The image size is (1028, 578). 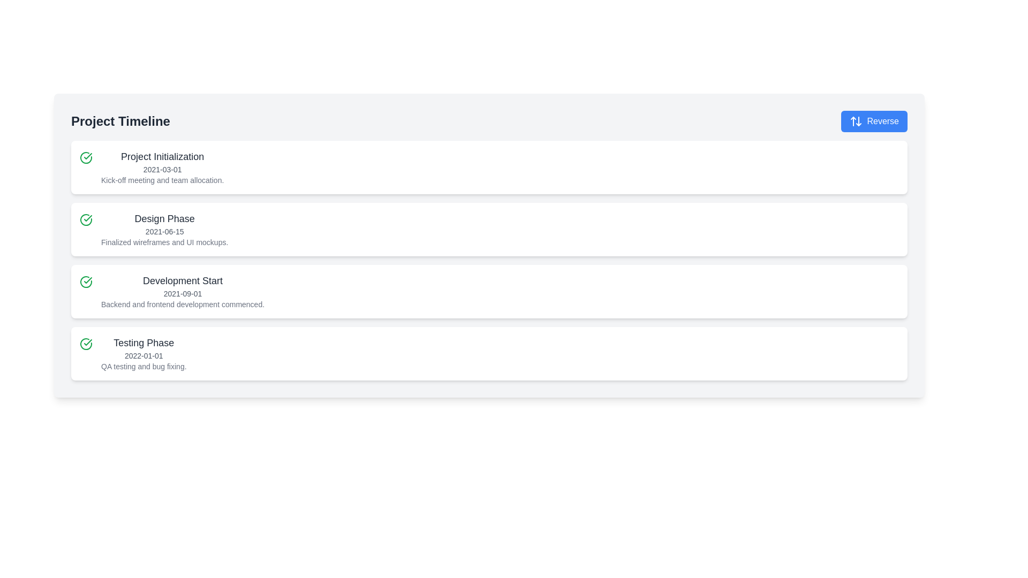 I want to click on text label that provides clarification related to the 'Development Start' phase in the project timeline interface, located in the third timeline block from the top, so click(x=183, y=305).